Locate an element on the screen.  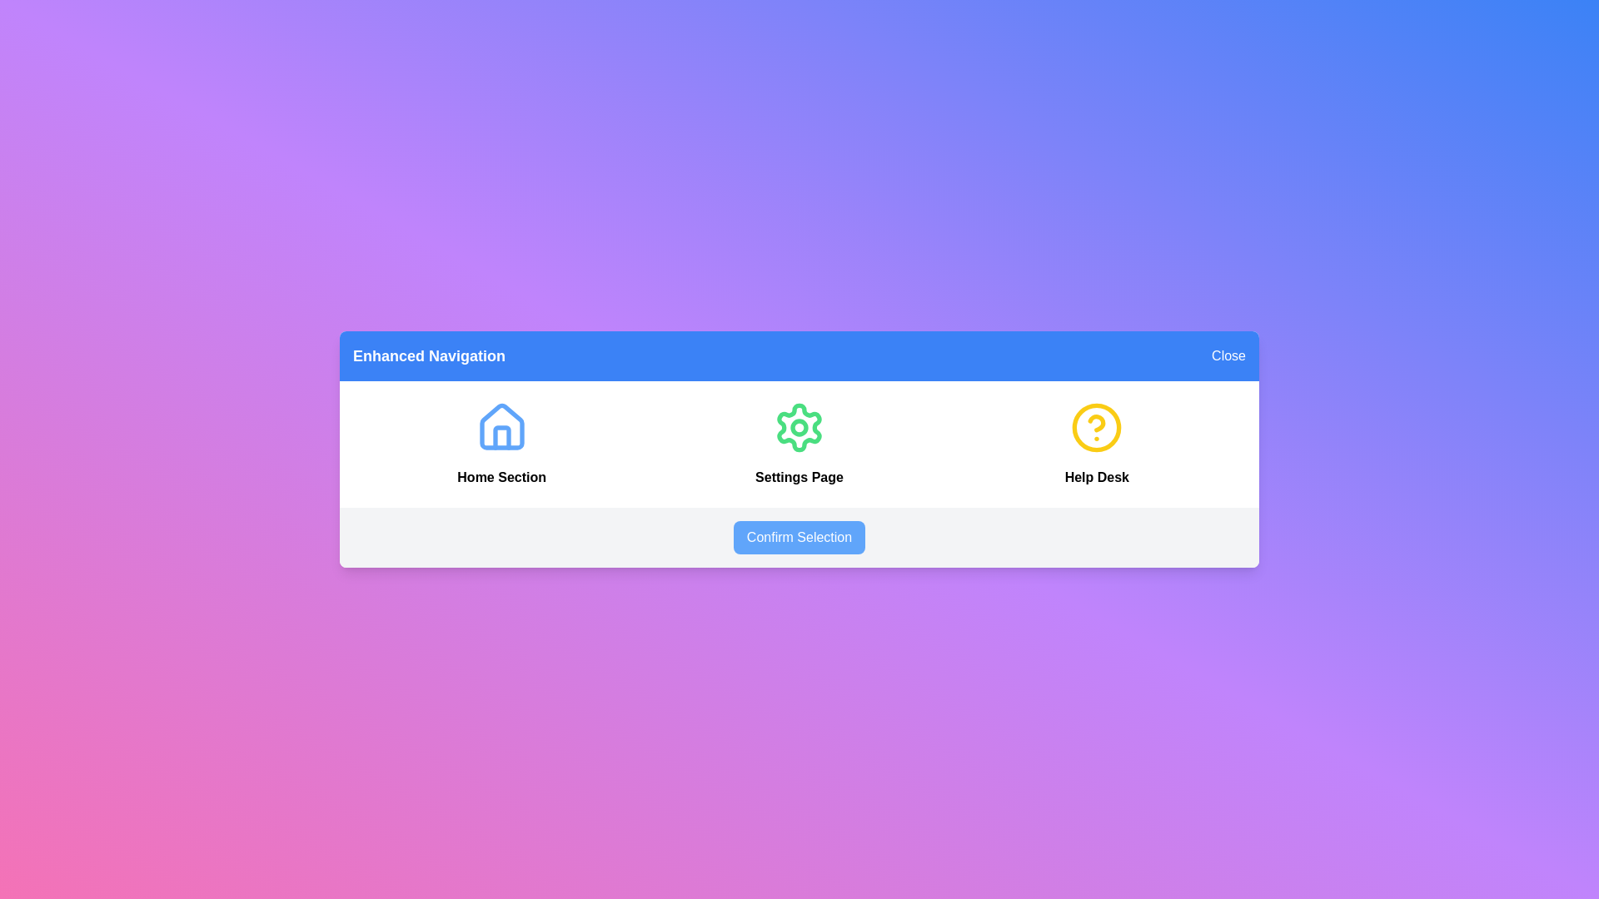
the 'Home Section' icon to interact with the Home feature is located at coordinates (501, 426).